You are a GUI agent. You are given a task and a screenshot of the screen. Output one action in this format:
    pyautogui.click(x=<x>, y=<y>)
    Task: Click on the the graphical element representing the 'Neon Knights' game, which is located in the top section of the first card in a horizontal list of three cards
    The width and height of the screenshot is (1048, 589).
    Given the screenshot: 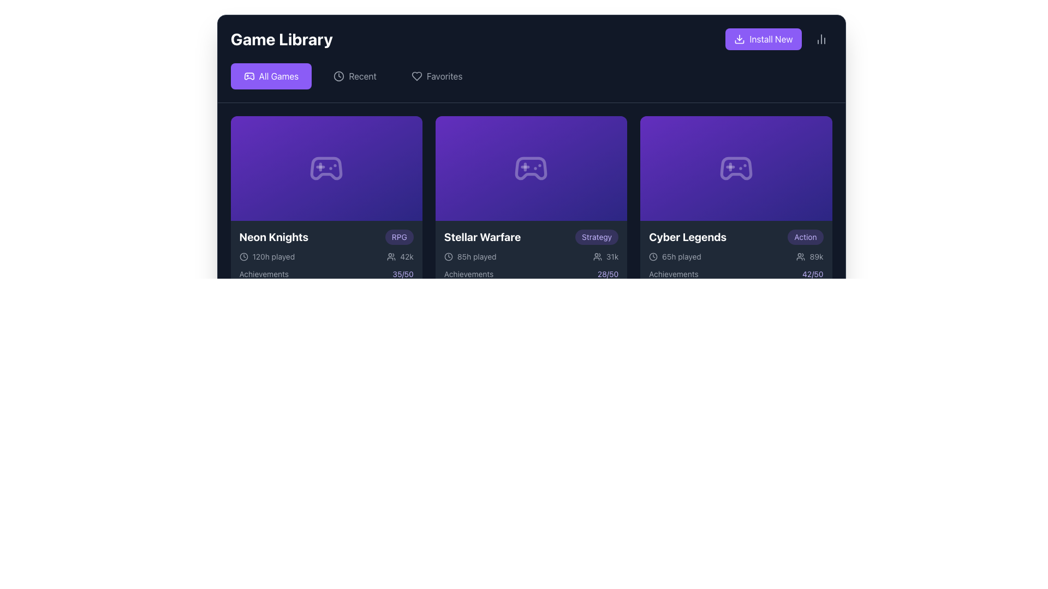 What is the action you would take?
    pyautogui.click(x=326, y=168)
    